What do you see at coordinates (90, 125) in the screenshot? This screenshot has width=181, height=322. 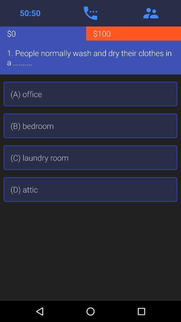 I see `icon below (a) office icon` at bounding box center [90, 125].